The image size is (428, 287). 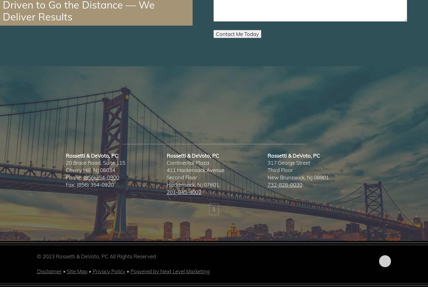 I want to click on 'Site Map', so click(x=66, y=271).